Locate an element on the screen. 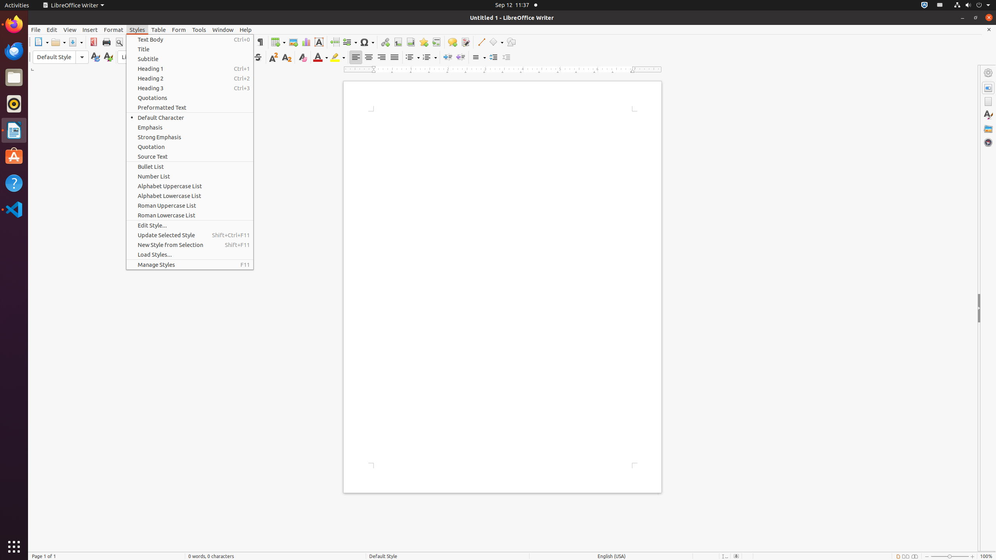  'Center' is located at coordinates (368, 57).